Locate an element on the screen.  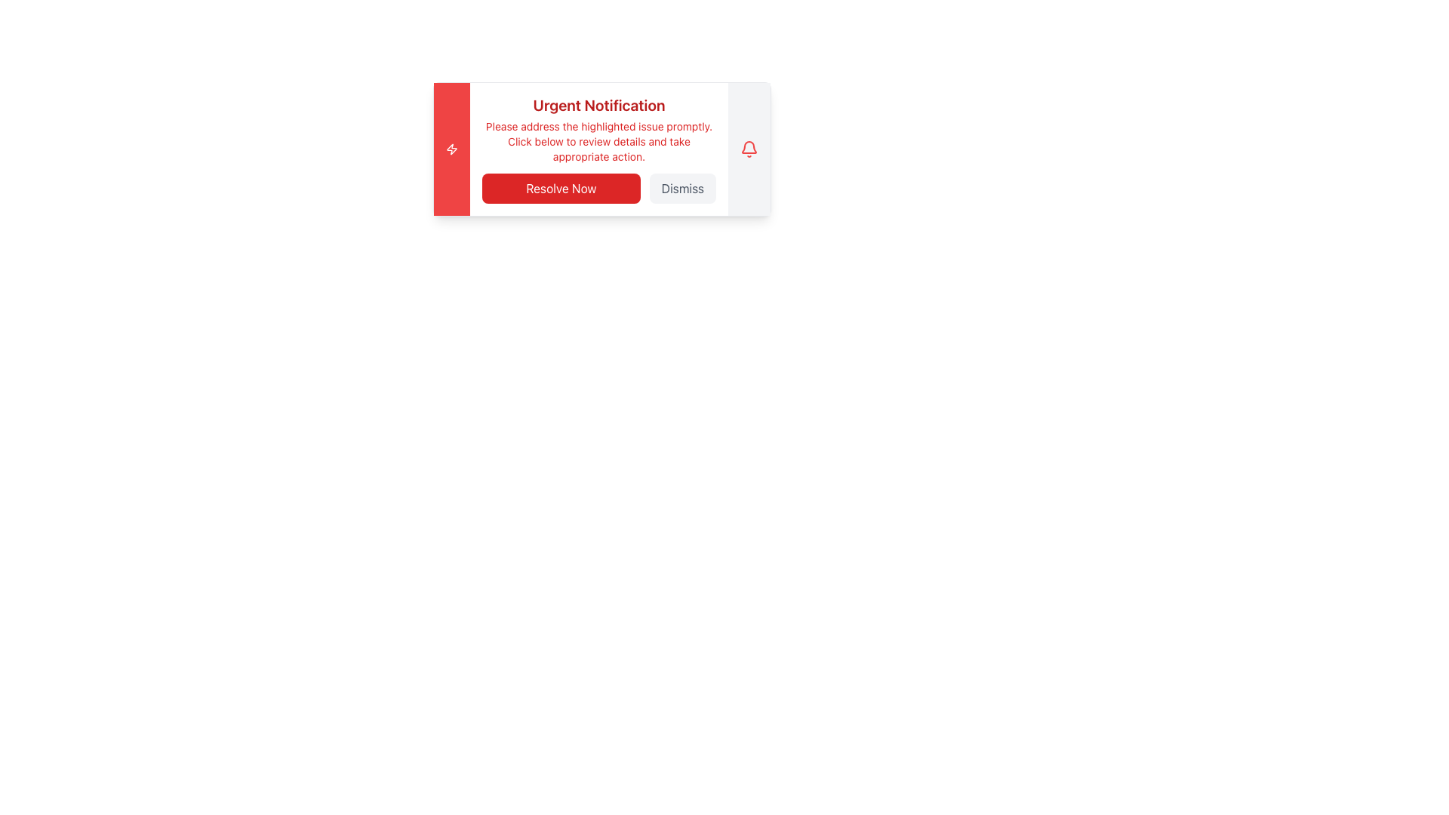
important message displayed in the text element located below the heading 'Urgent Notification' in the notification panel is located at coordinates (598, 142).